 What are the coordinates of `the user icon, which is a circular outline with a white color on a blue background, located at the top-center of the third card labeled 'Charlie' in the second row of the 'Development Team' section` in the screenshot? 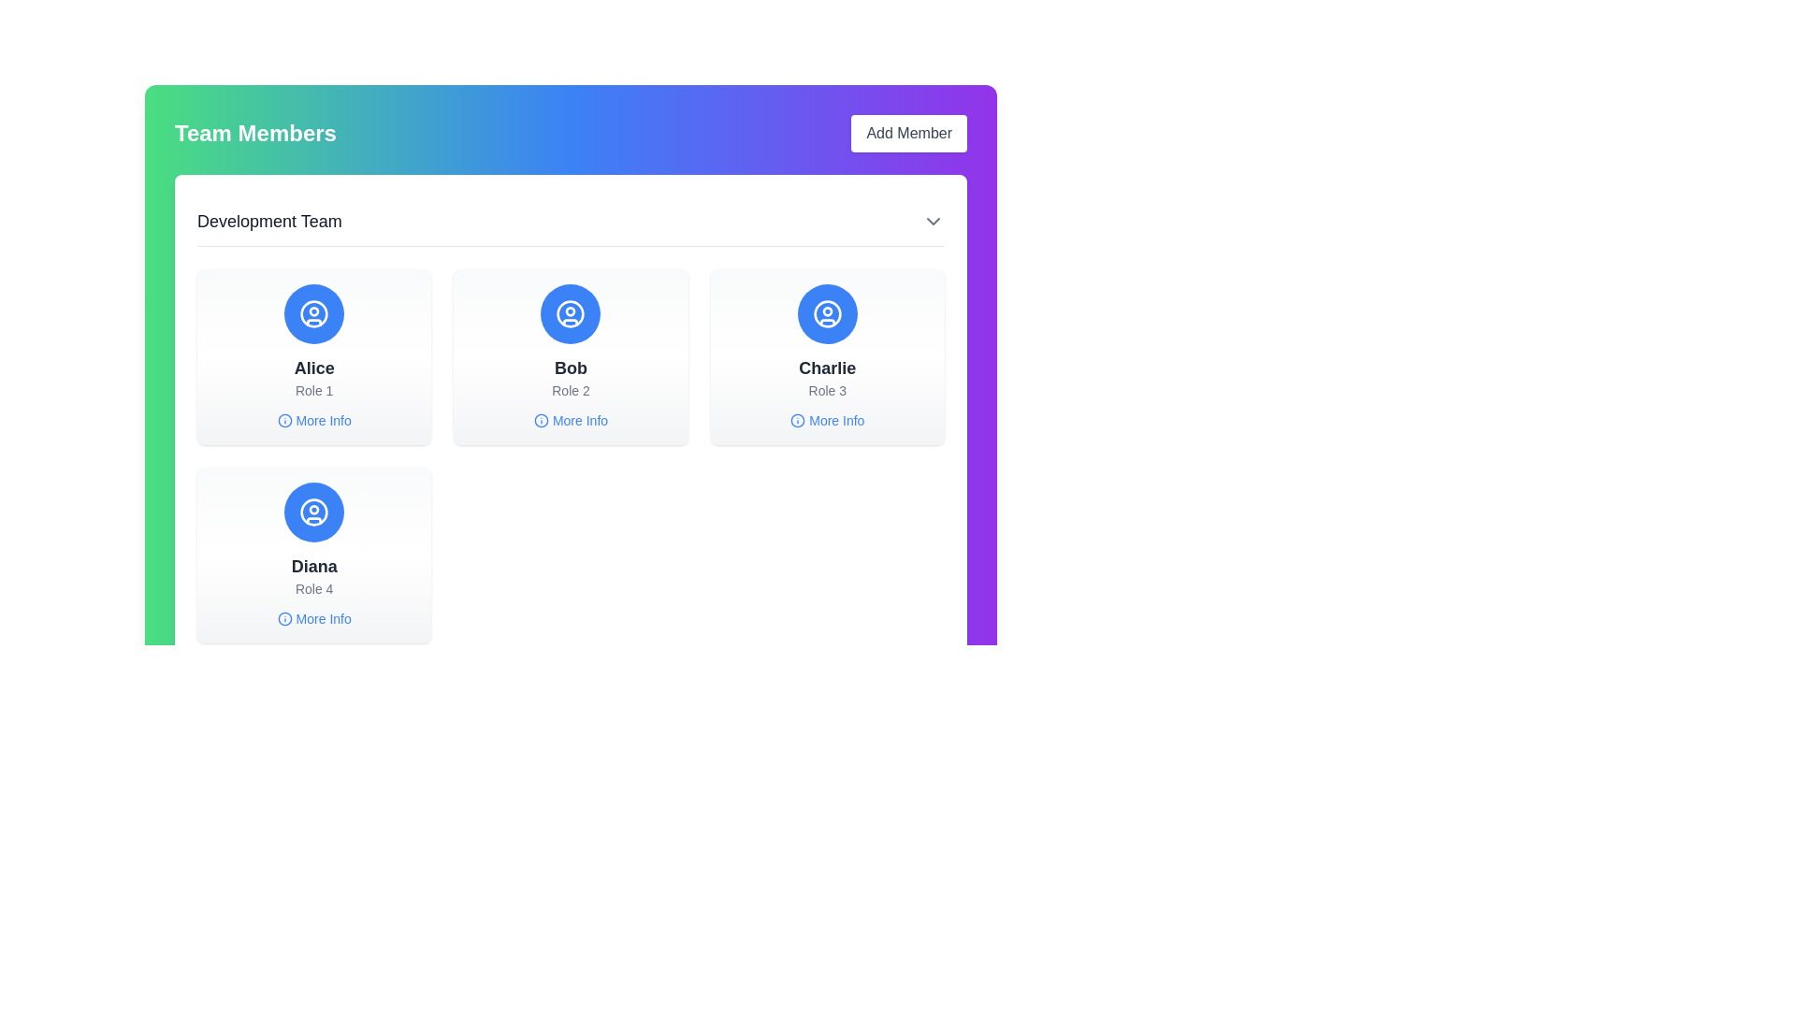 It's located at (826, 312).